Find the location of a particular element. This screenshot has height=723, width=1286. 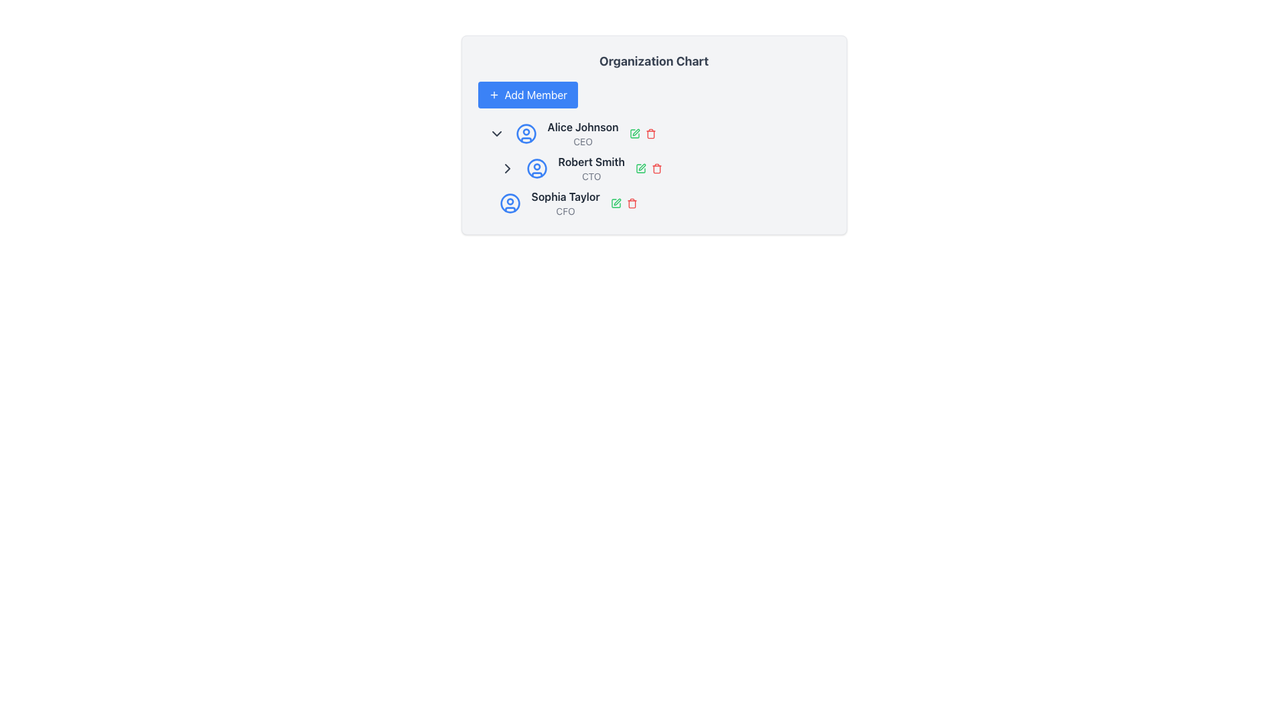

the text label reading 'CEO', which is styled in a smaller font size and lighter grey color, positioned directly beneath 'Alice Johnson' in the organizational chart component is located at coordinates (583, 142).